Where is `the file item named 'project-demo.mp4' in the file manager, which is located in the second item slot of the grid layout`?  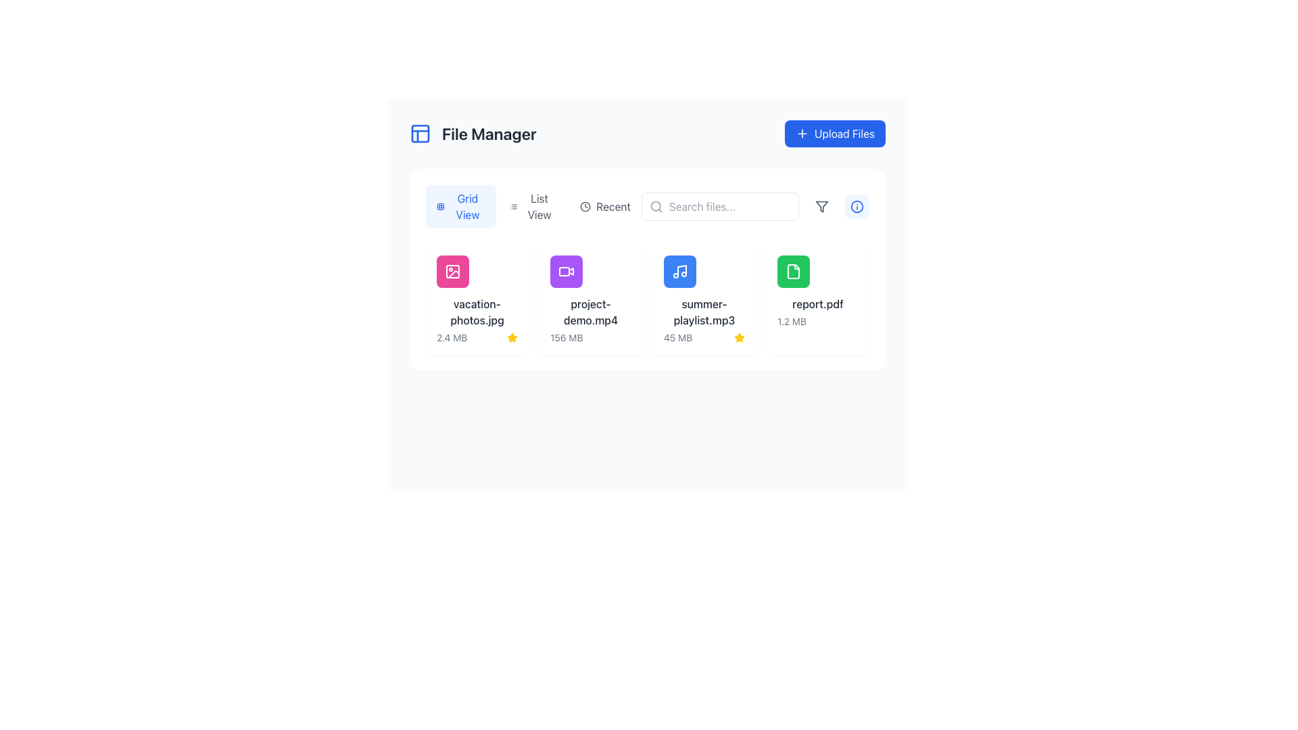 the file item named 'project-demo.mp4' in the file manager, which is located in the second item slot of the grid layout is located at coordinates (590, 271).